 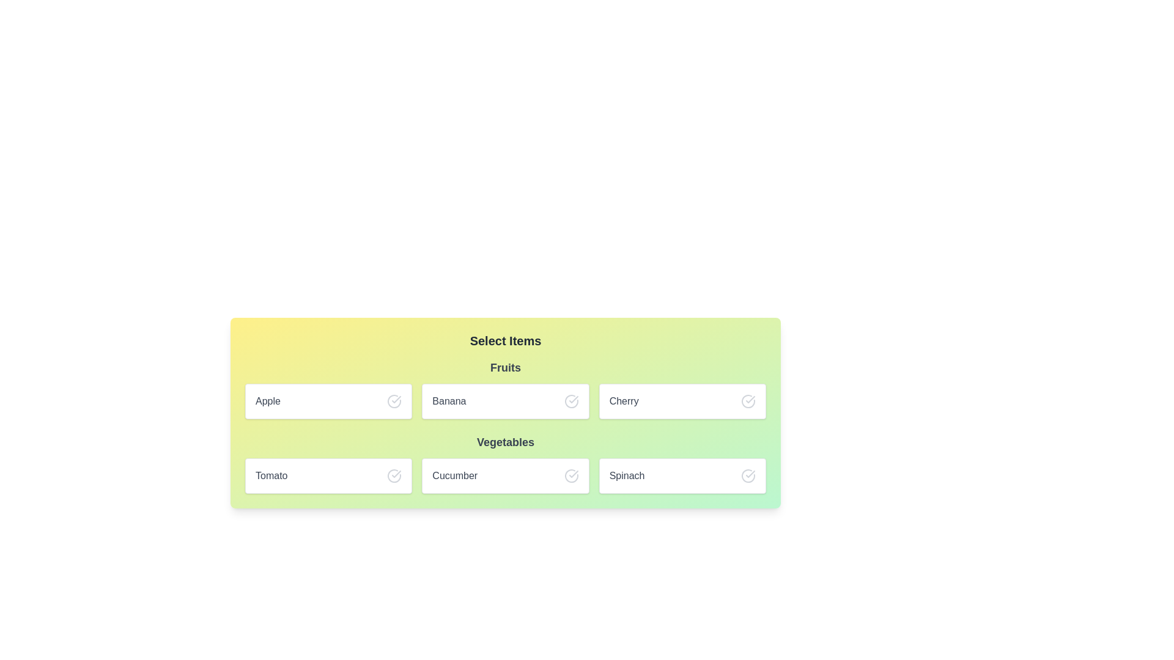 I want to click on the SVG icon representing the selection state for the 'Cucumber' item located on the far right side of the 'Cucumber' cell in the 'Vegetables' row, so click(x=570, y=475).